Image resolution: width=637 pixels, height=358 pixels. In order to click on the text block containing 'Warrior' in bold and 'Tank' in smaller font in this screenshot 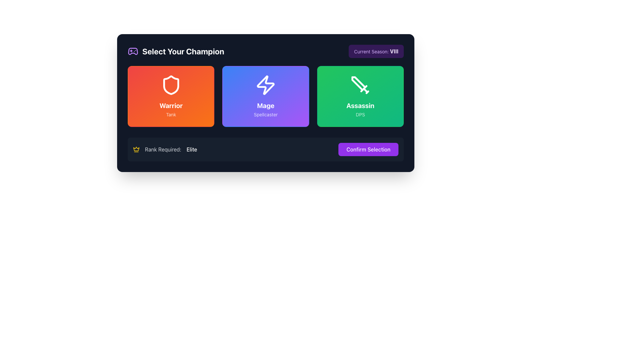, I will do `click(171, 109)`.